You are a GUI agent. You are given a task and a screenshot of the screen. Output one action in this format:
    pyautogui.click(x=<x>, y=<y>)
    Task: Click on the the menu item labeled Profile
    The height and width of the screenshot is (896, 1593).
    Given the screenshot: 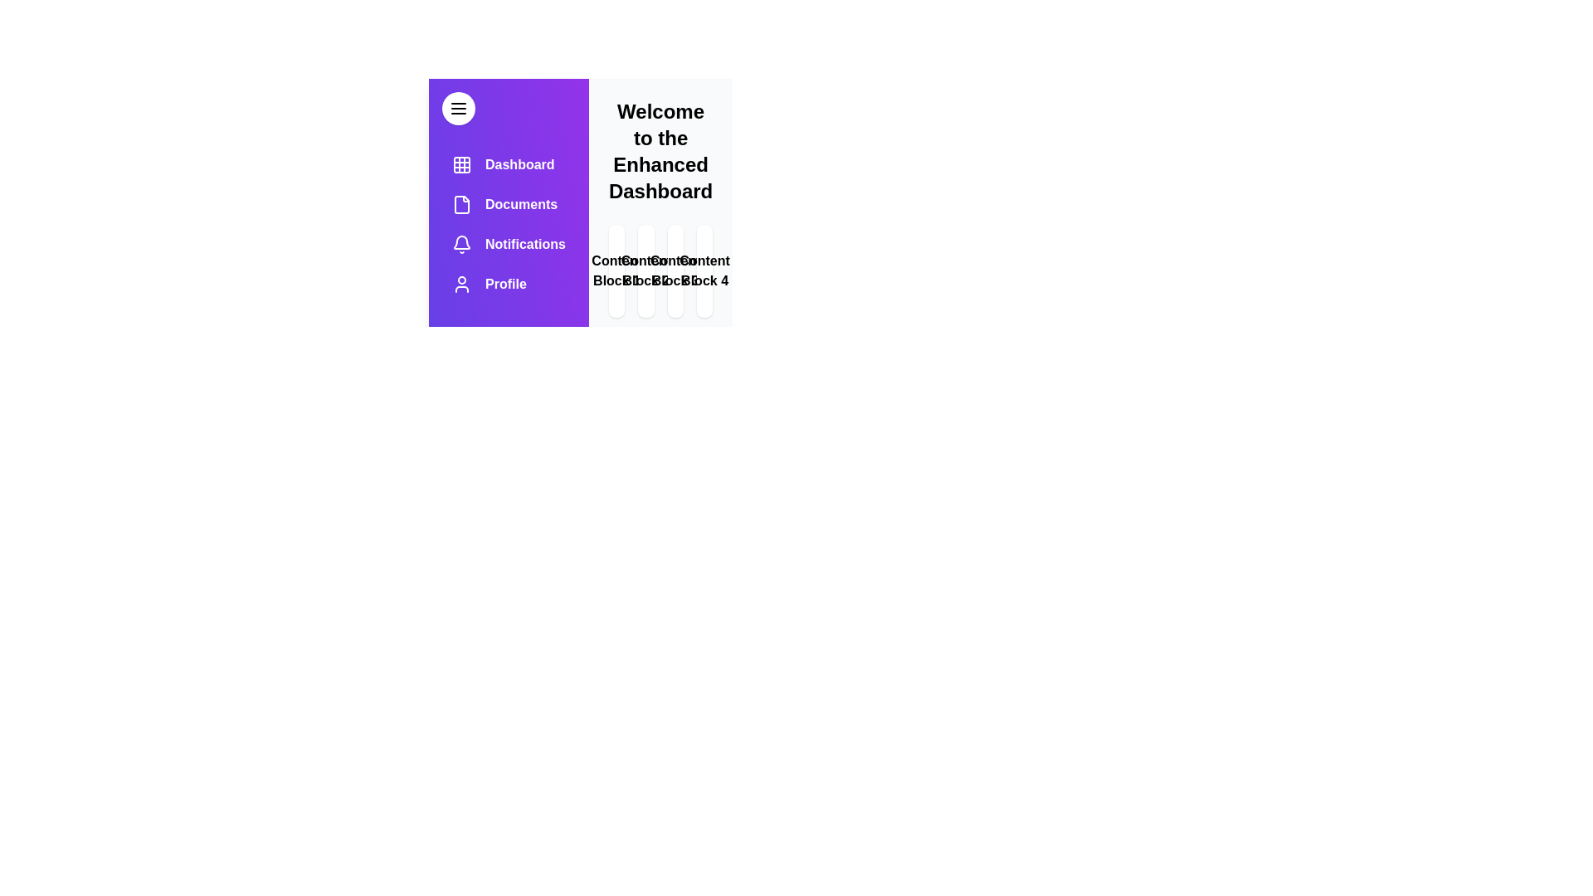 What is the action you would take?
    pyautogui.click(x=508, y=284)
    